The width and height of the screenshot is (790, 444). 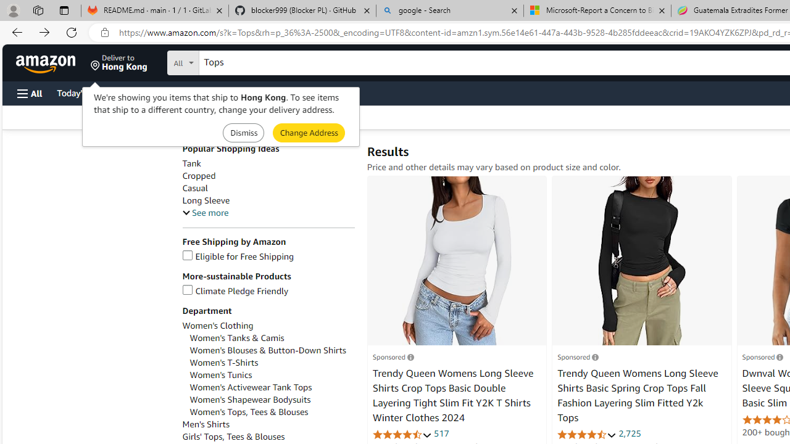 I want to click on 'Eligible for Free Shipping', so click(x=238, y=256).